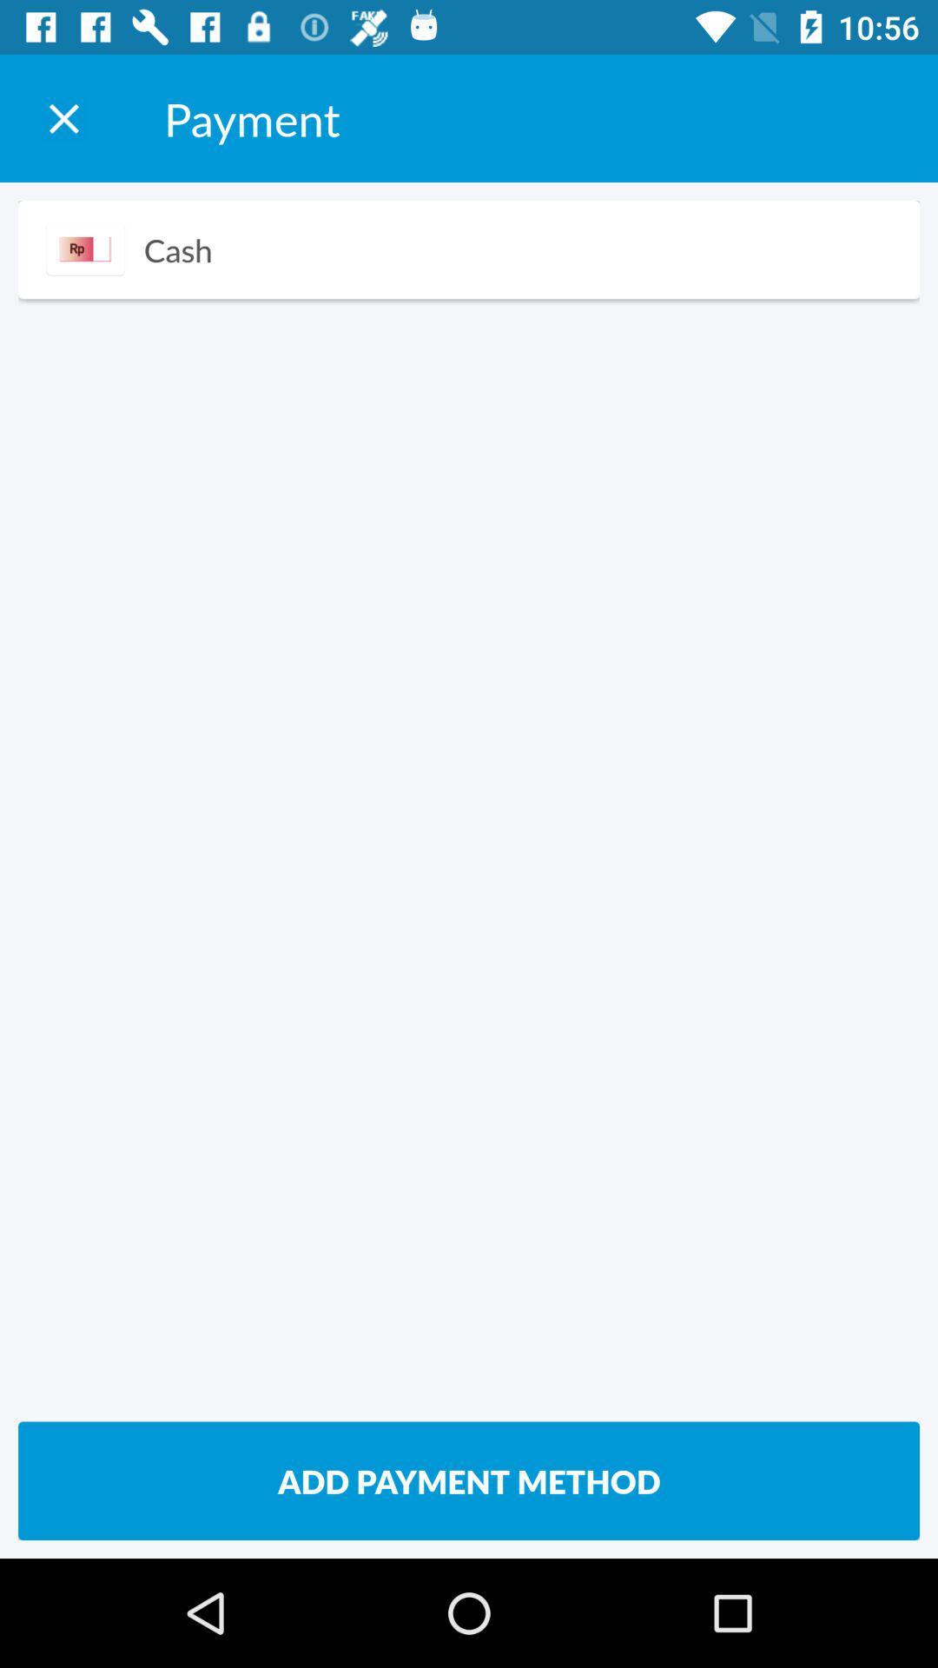 This screenshot has height=1668, width=938. I want to click on the payment window, so click(63, 117).